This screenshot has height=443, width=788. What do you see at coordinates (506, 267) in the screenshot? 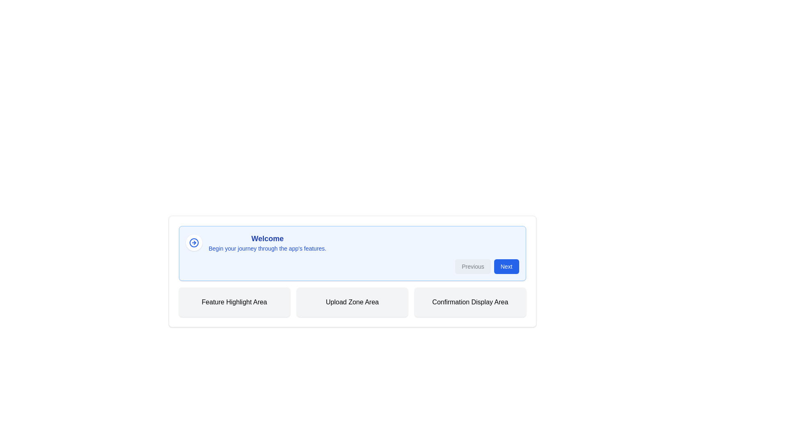
I see `the 'Next' button located in the bottom-right corner of the box element to proceed to the next step` at bounding box center [506, 267].